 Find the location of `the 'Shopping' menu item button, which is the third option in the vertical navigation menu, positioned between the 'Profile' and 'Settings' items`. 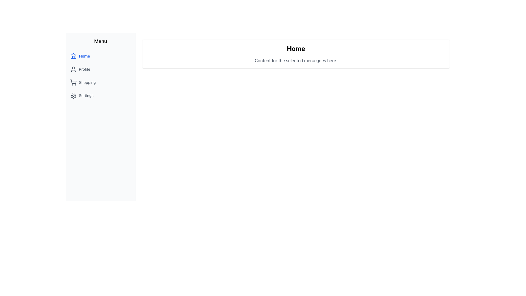

the 'Shopping' menu item button, which is the third option in the vertical navigation menu, positioned between the 'Profile' and 'Settings' items is located at coordinates (101, 82).